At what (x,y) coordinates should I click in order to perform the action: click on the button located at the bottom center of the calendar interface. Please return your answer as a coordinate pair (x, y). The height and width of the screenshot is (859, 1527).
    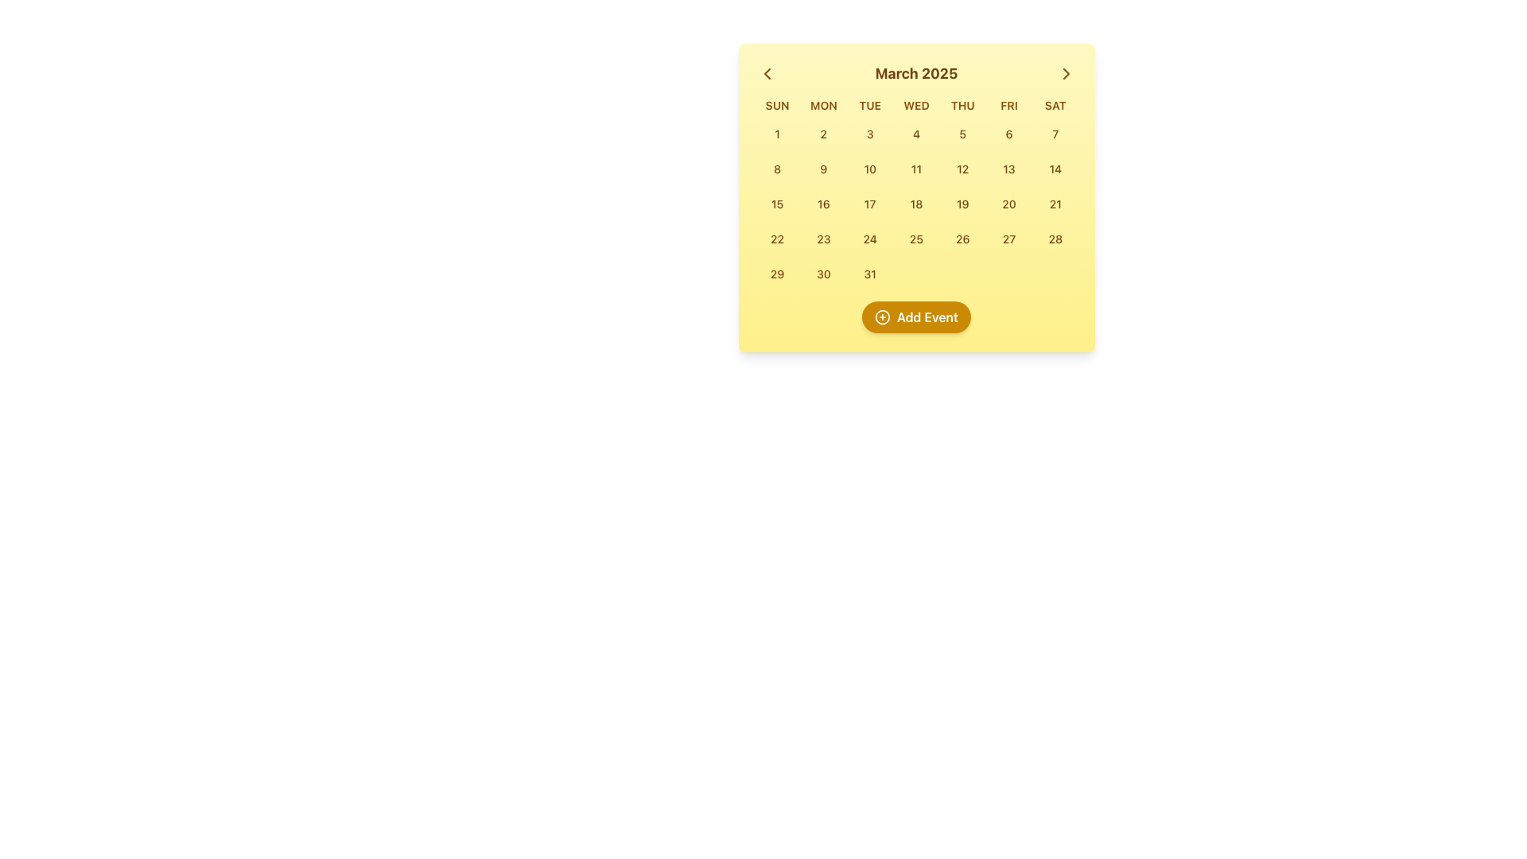
    Looking at the image, I should click on (916, 317).